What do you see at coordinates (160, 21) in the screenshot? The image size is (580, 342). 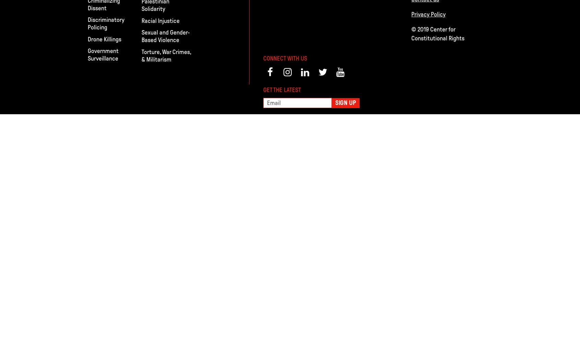 I see `'Racial Injustice'` at bounding box center [160, 21].